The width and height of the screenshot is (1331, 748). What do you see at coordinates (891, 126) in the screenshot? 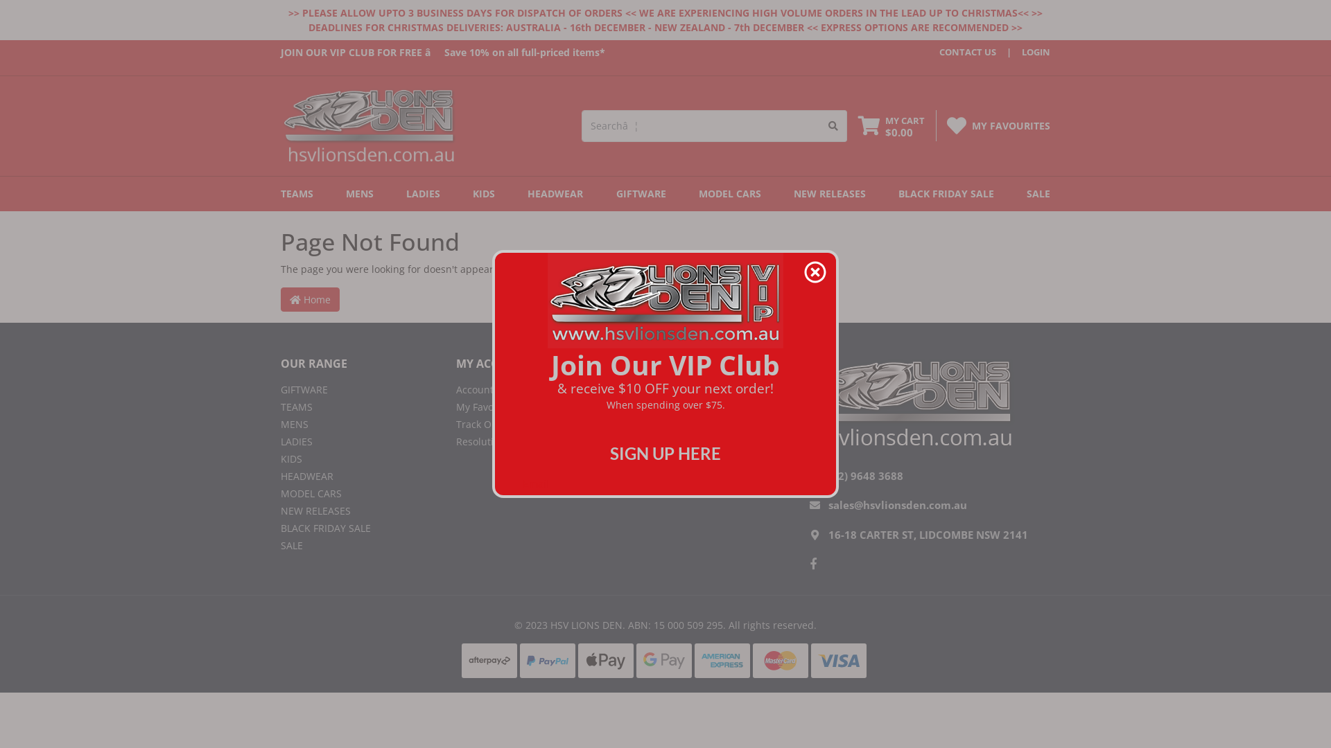
I see `'MY CART` at bounding box center [891, 126].